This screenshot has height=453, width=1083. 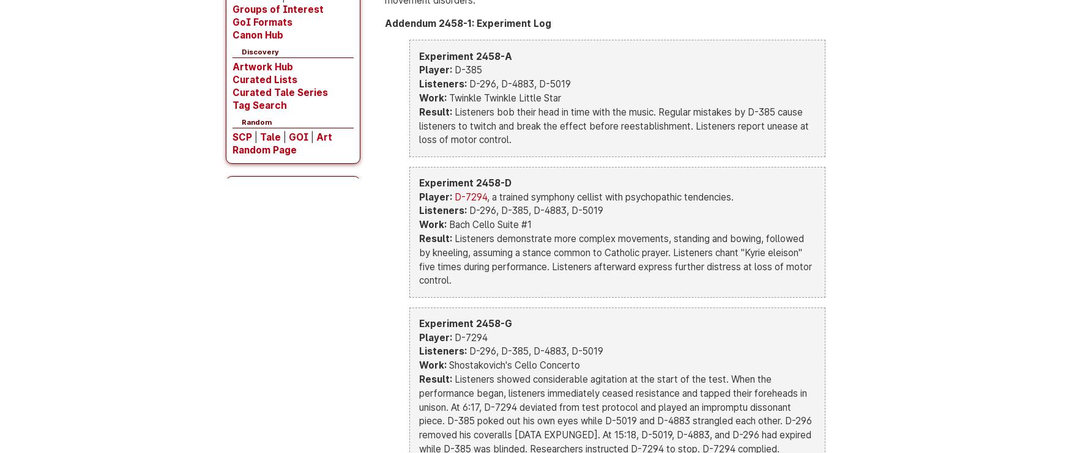 I want to click on 'Tag Search', so click(x=259, y=105).